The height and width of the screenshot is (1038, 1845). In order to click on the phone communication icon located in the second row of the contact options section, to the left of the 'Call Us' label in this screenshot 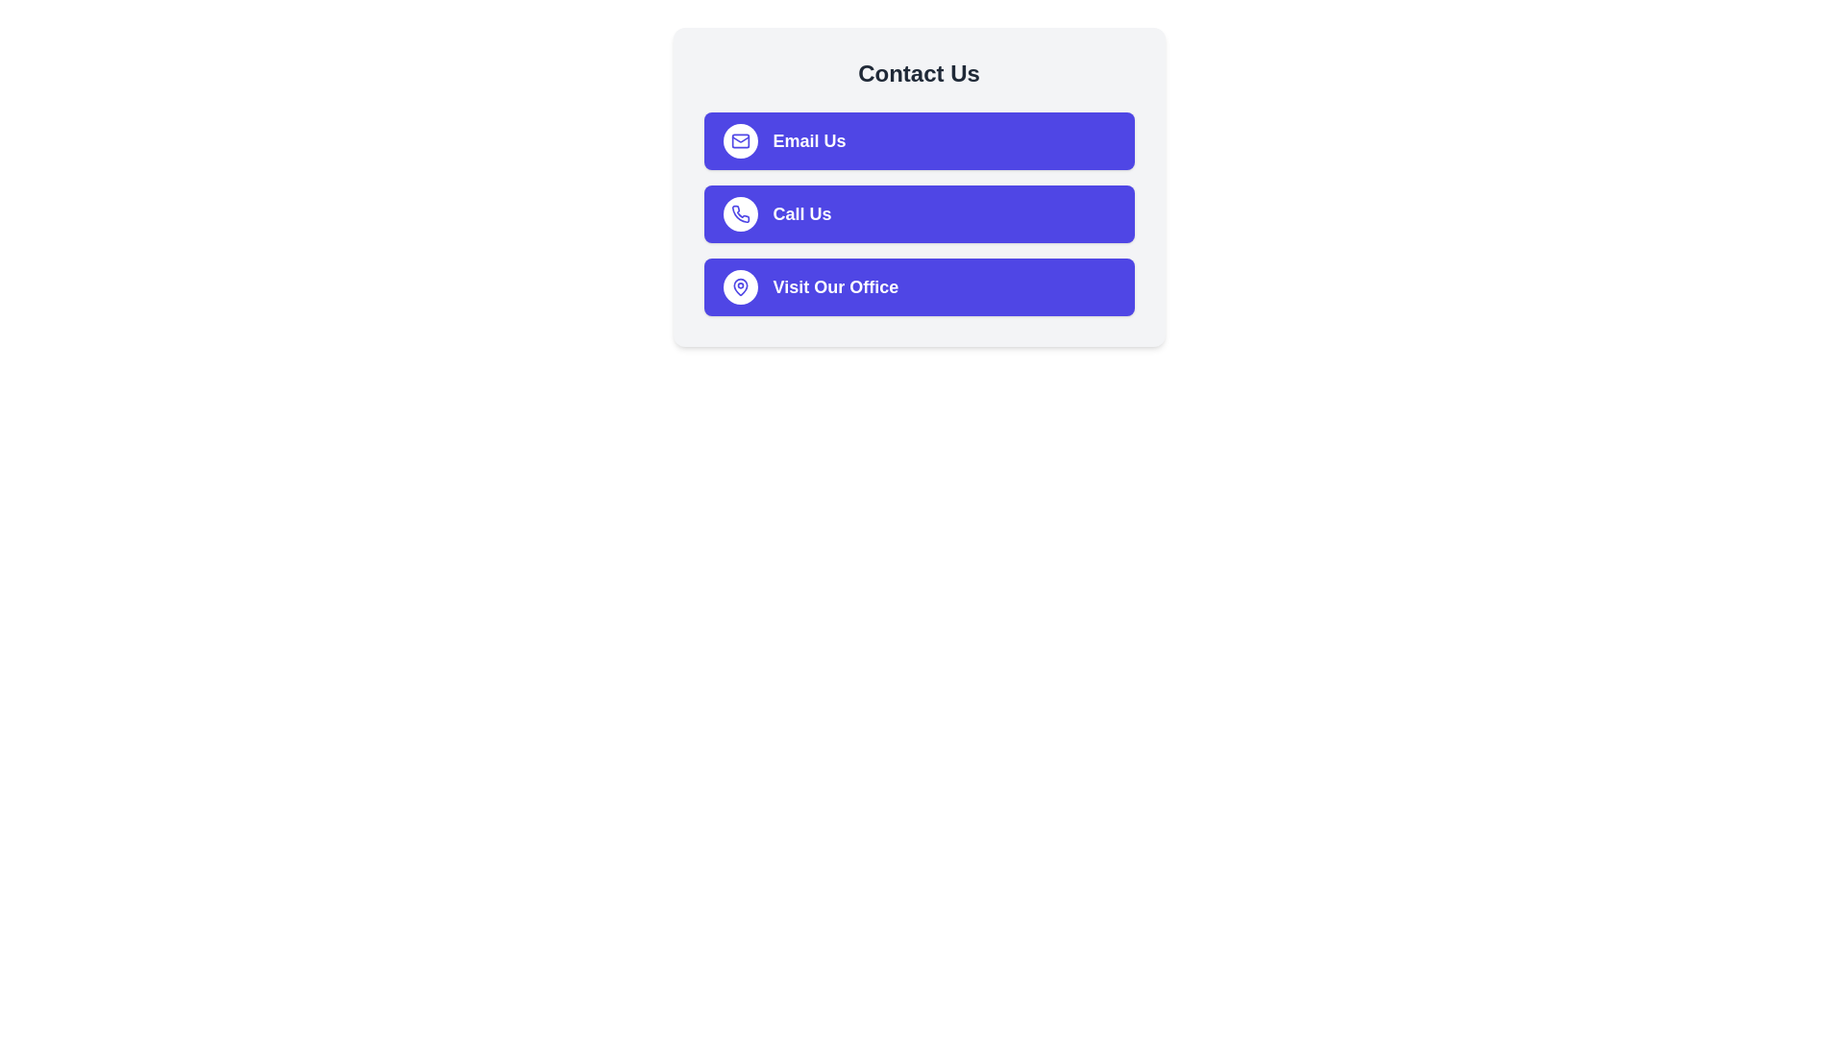, I will do `click(739, 214)`.